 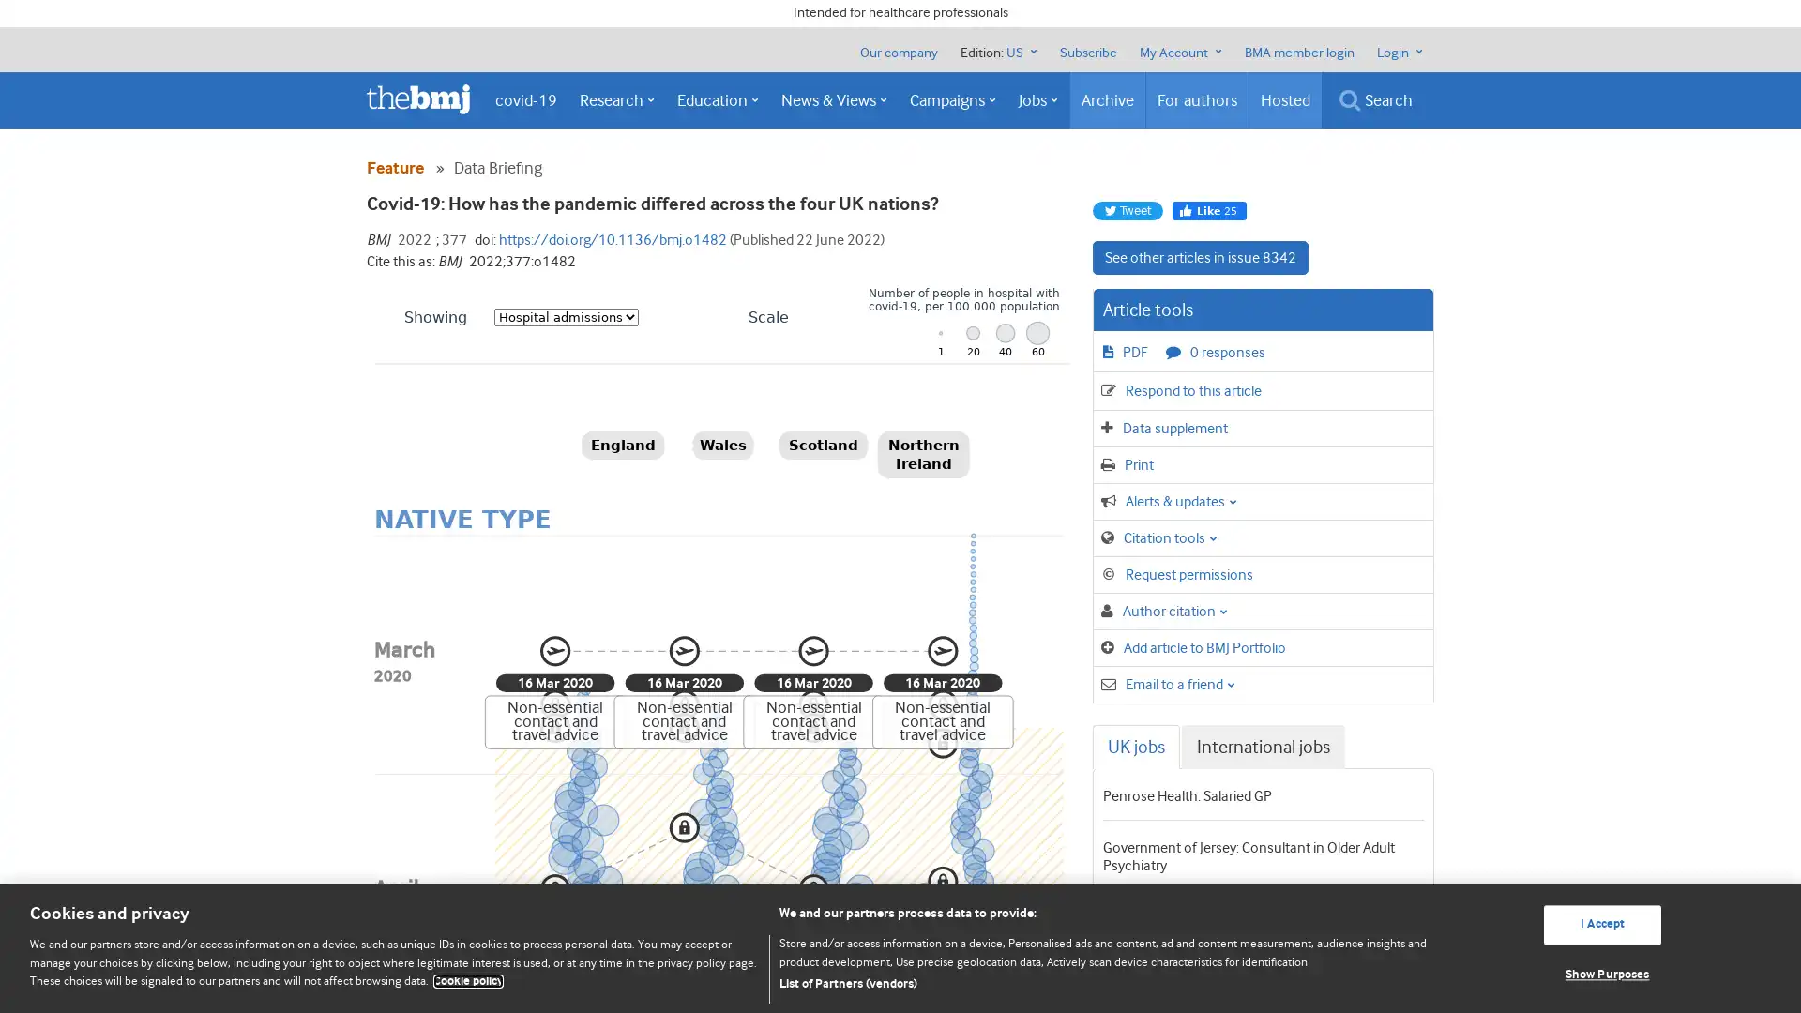 I want to click on Email to a friend, so click(x=1178, y=684).